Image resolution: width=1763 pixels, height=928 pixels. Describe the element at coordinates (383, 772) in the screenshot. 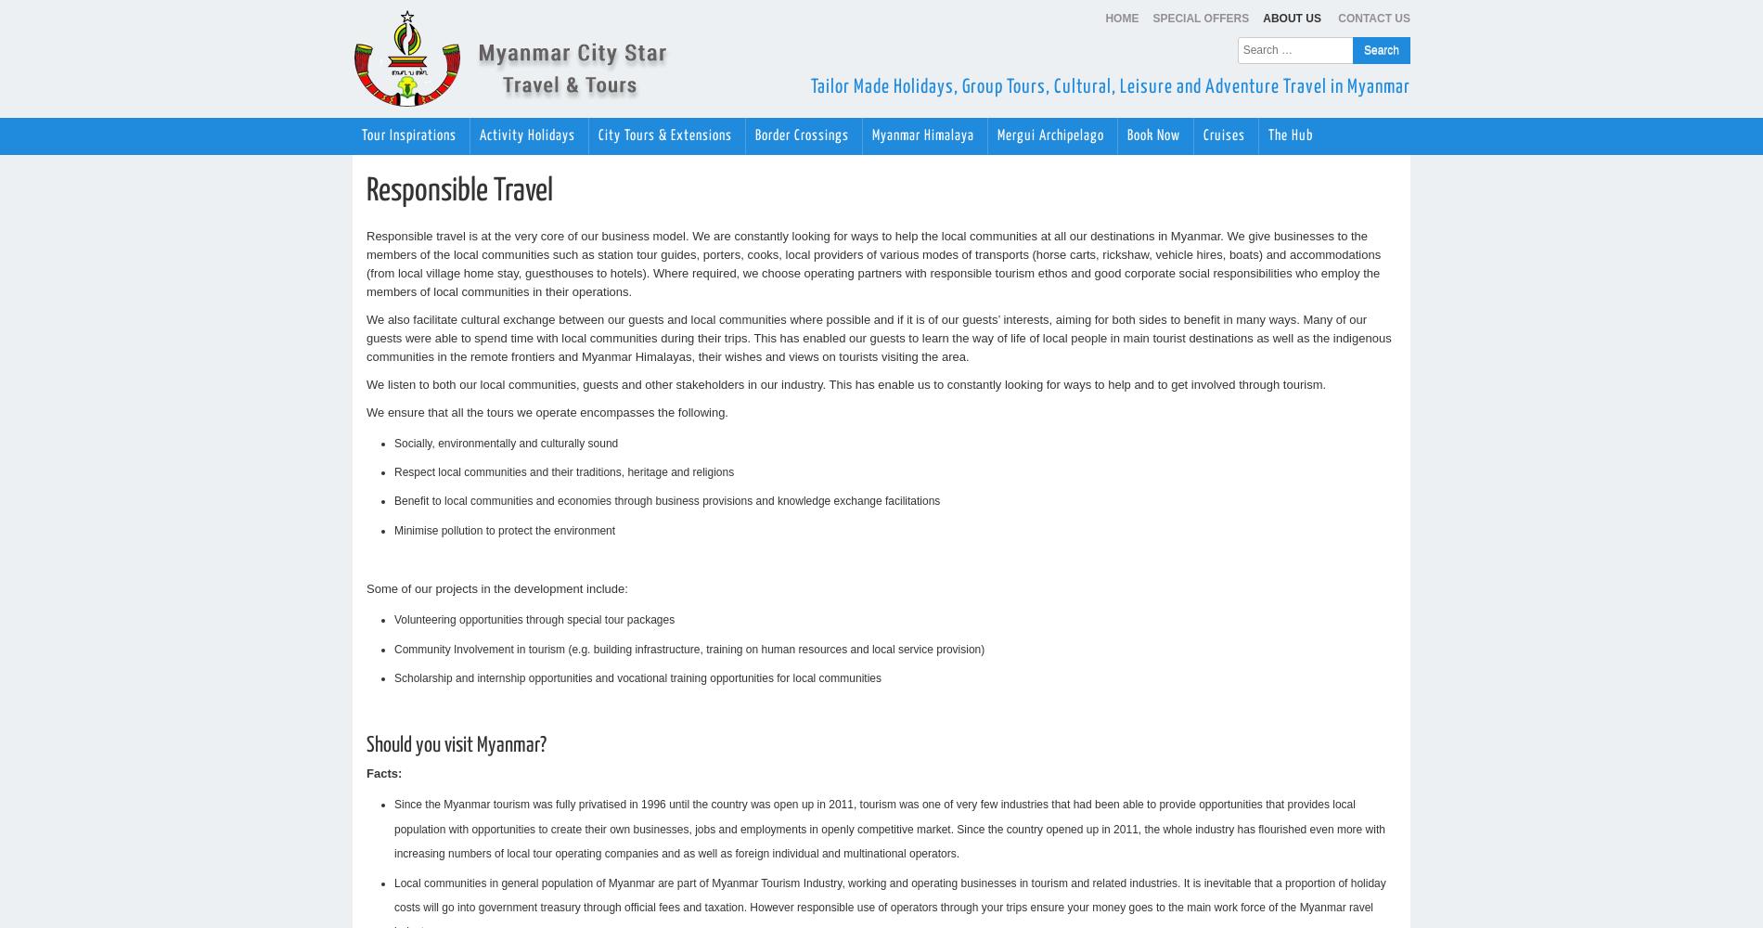

I see `'Facts:'` at that location.